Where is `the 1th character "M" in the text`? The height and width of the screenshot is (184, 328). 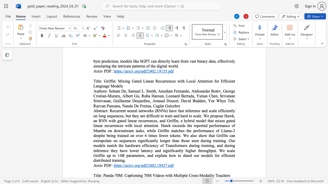 the 1th character "M" in the text is located at coordinates (120, 175).